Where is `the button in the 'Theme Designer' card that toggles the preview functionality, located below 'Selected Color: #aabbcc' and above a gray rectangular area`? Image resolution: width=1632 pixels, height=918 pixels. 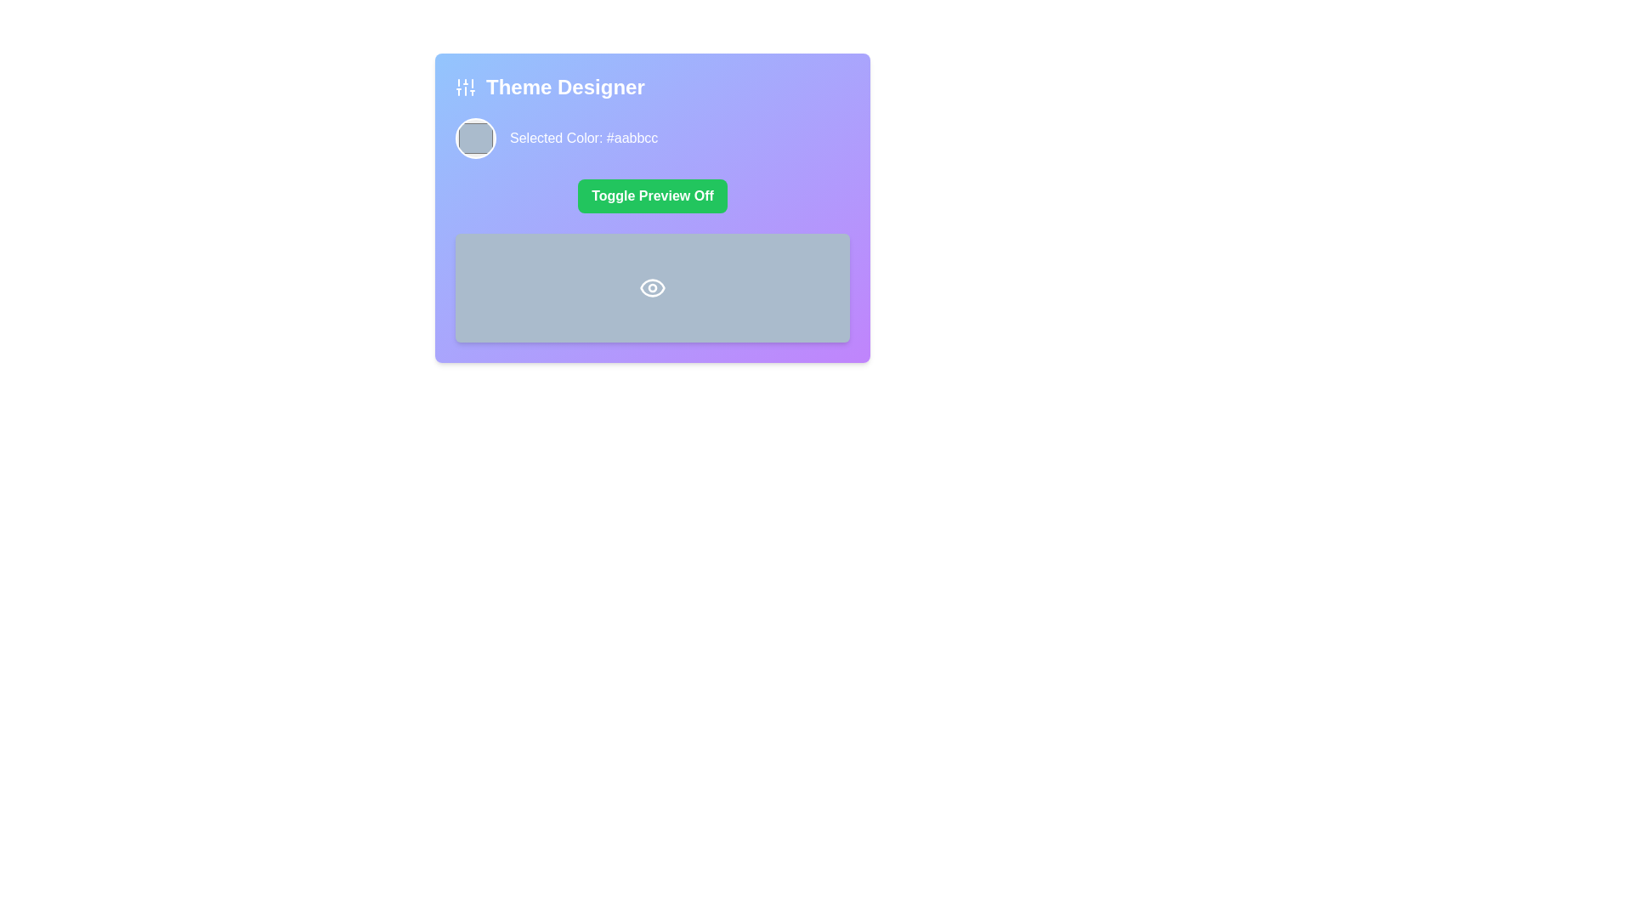
the button in the 'Theme Designer' card that toggles the preview functionality, located below 'Selected Color: #aabbcc' and above a gray rectangular area is located at coordinates (652, 195).